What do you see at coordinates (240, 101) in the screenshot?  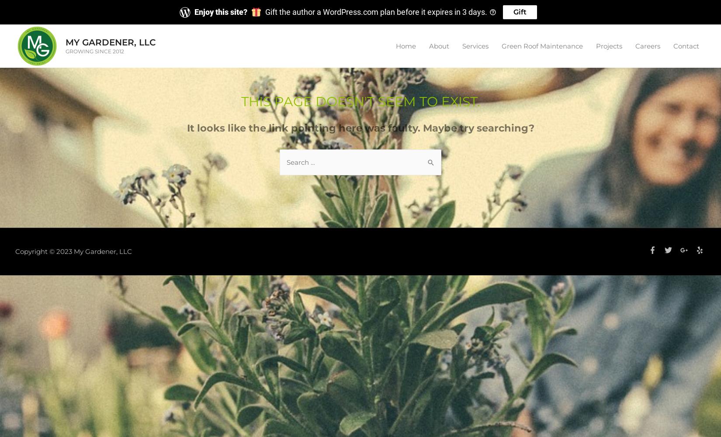 I see `'This page doesn't seem to exist.'` at bounding box center [240, 101].